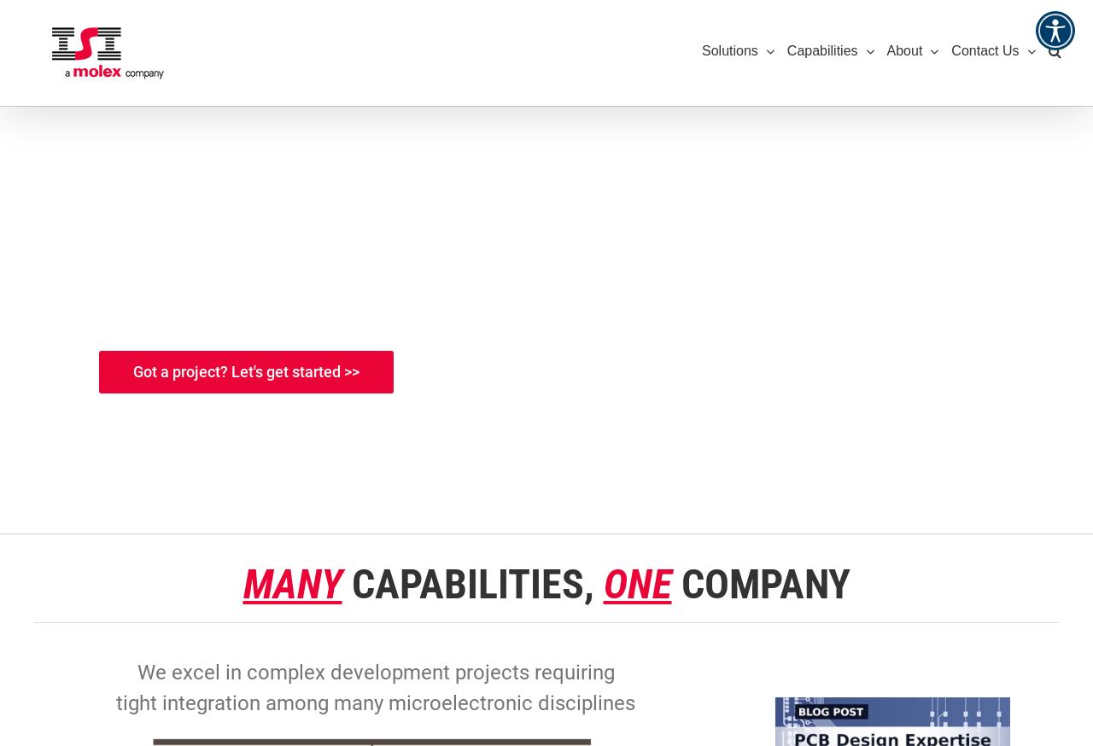 The height and width of the screenshot is (746, 1093). I want to click on 'We excel in complex development projects requiring', so click(137, 671).